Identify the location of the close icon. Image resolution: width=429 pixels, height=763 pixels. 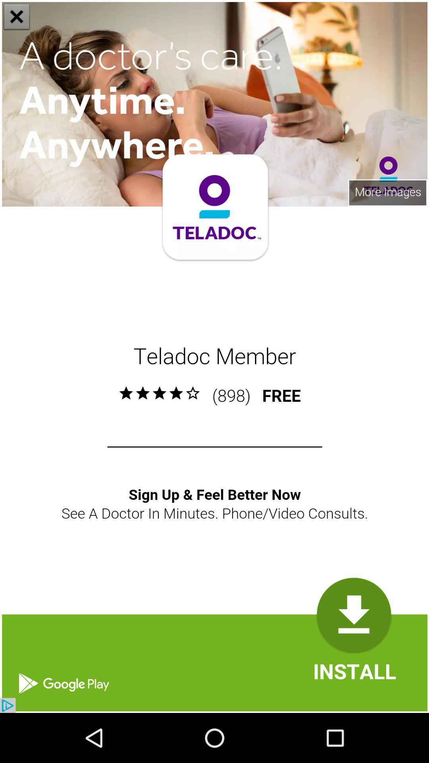
(17, 17).